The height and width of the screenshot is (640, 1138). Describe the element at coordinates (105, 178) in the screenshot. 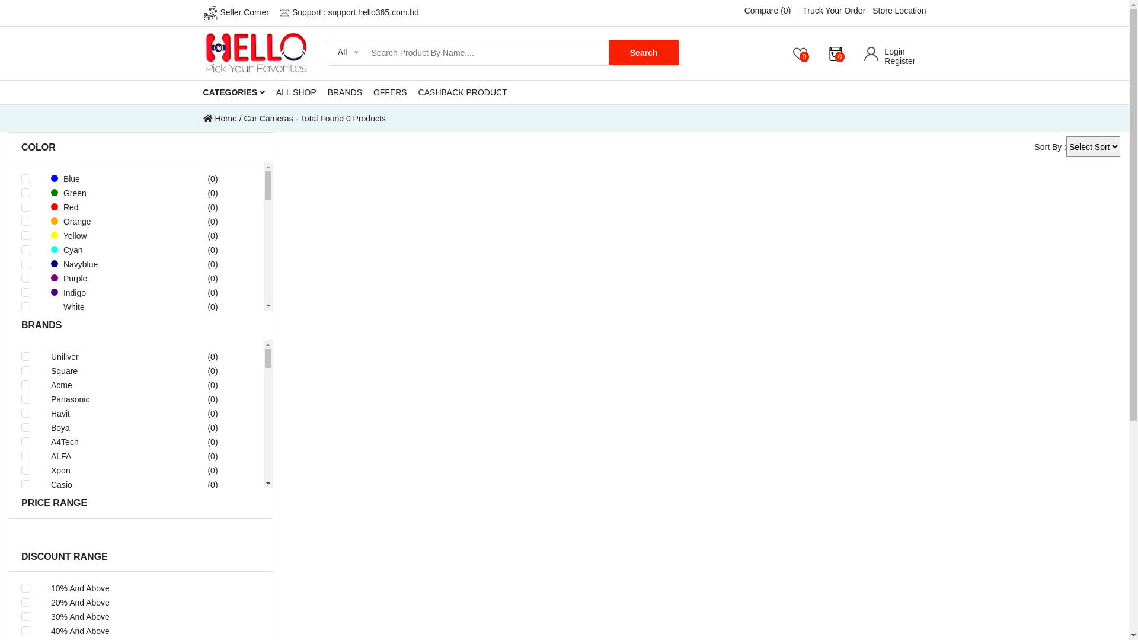

I see `'Blue'` at that location.